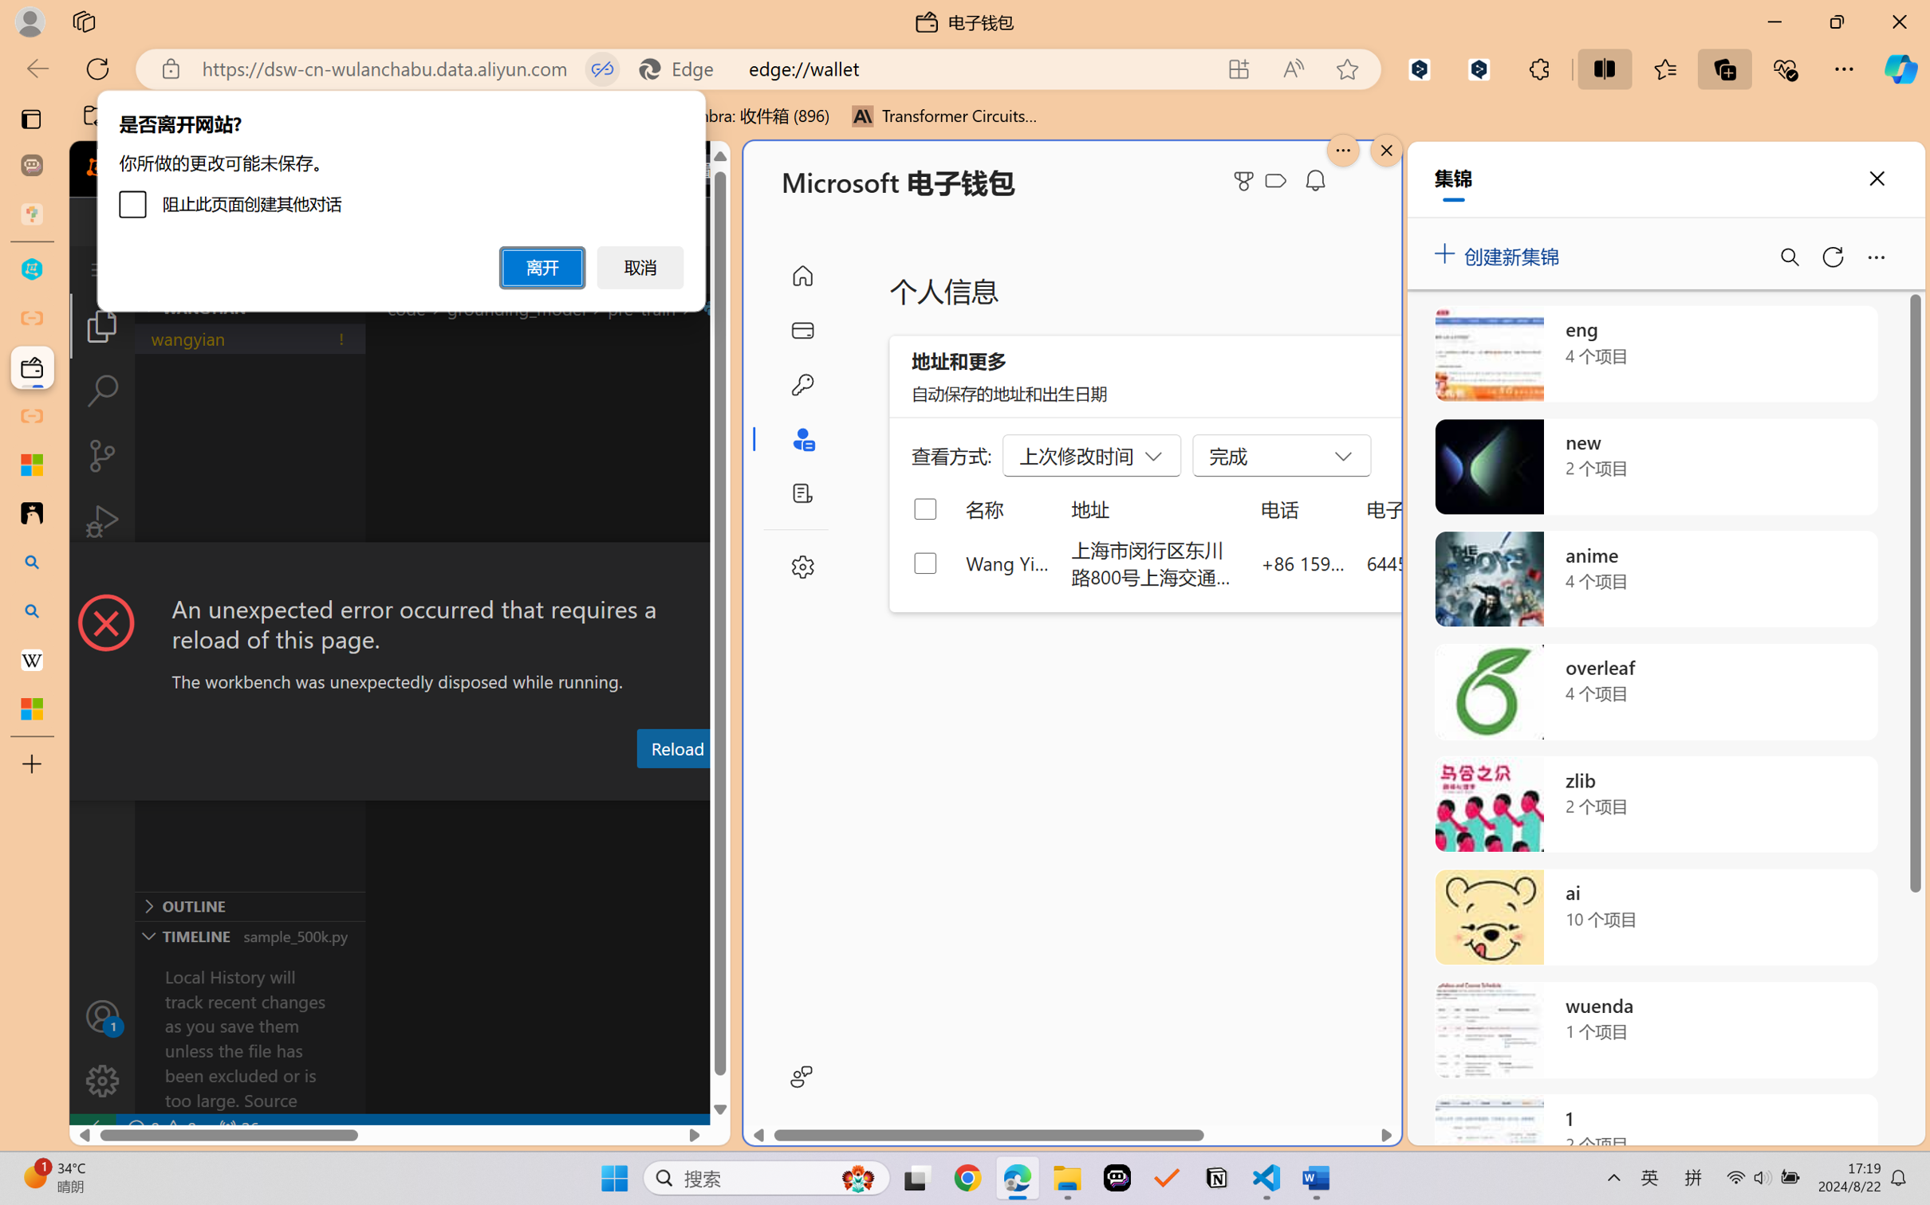 Image resolution: width=1930 pixels, height=1205 pixels. What do you see at coordinates (644, 786) in the screenshot?
I see `'Debug Console (Ctrl+Shift+Y)'` at bounding box center [644, 786].